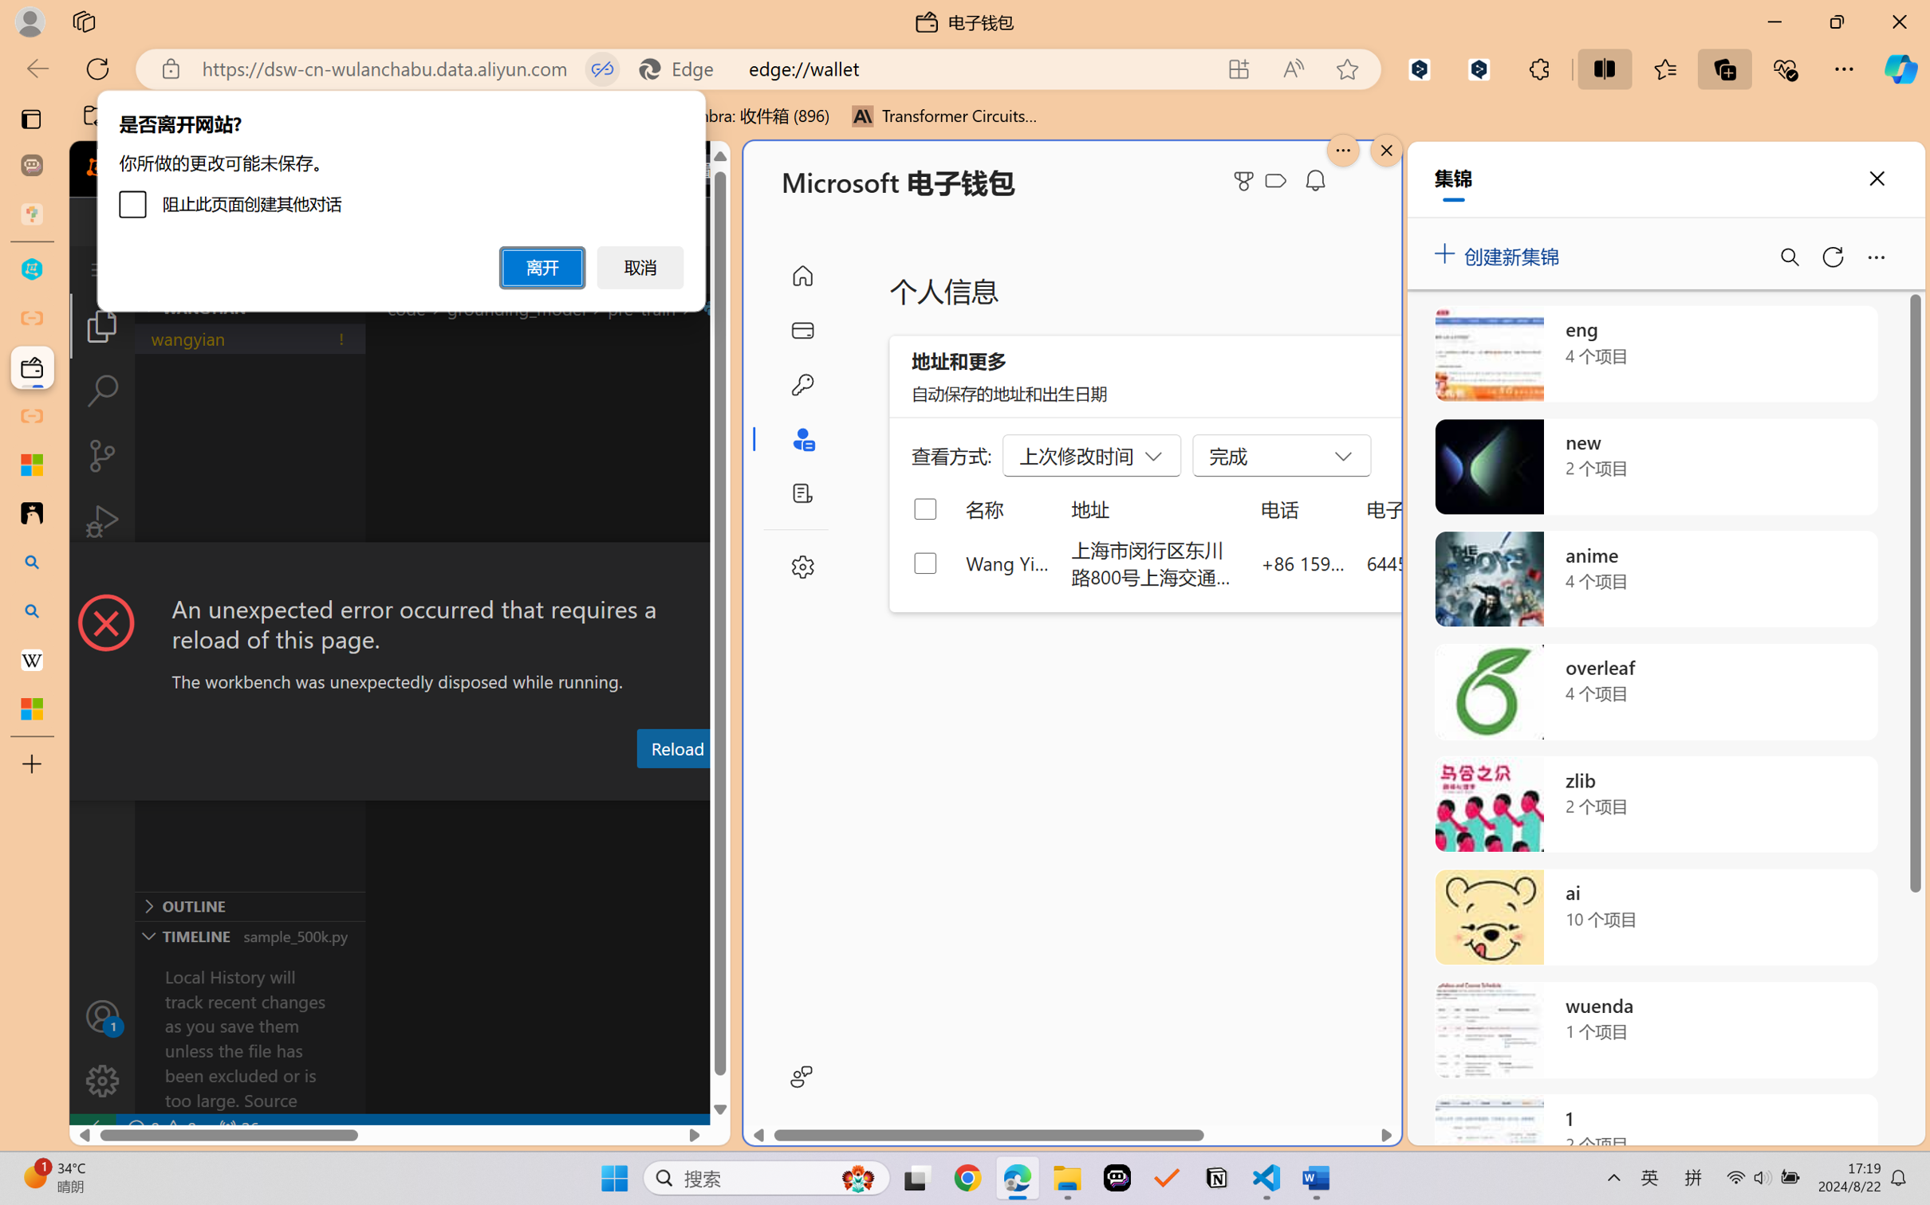 Image resolution: width=1930 pixels, height=1205 pixels. What do you see at coordinates (644, 786) in the screenshot?
I see `'Debug Console (Ctrl+Shift+Y)'` at bounding box center [644, 786].